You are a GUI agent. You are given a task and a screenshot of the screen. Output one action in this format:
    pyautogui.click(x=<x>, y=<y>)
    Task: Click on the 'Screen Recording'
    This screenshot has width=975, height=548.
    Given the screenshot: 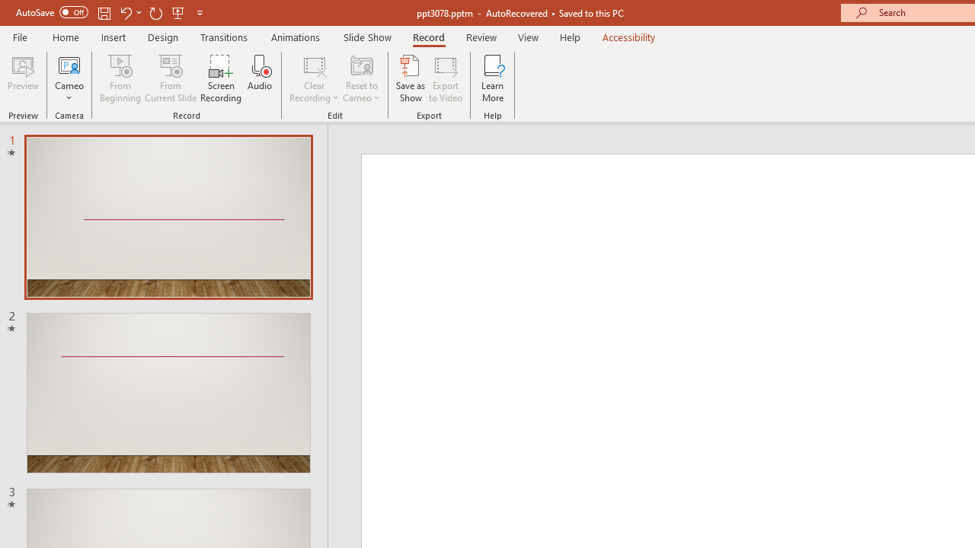 What is the action you would take?
    pyautogui.click(x=220, y=78)
    